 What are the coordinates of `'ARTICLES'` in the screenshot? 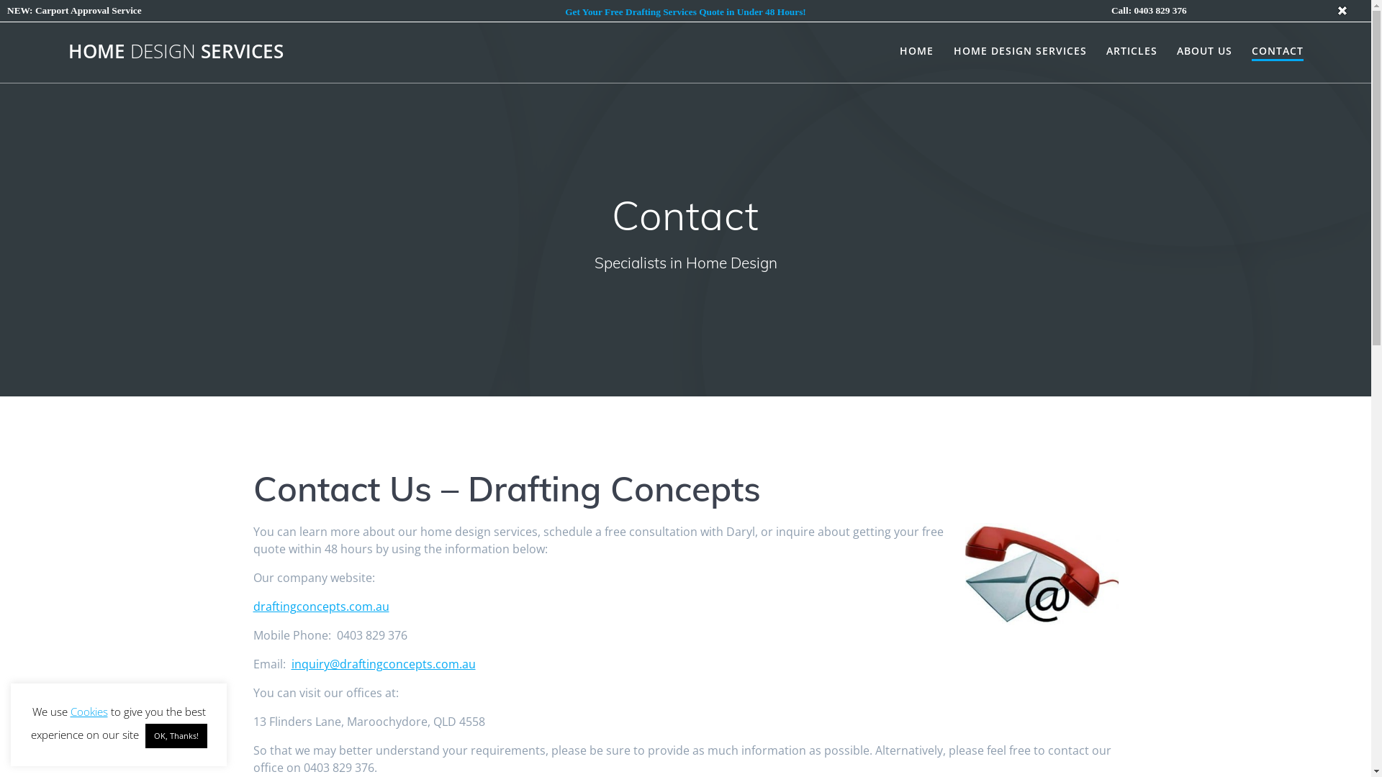 It's located at (1105, 50).